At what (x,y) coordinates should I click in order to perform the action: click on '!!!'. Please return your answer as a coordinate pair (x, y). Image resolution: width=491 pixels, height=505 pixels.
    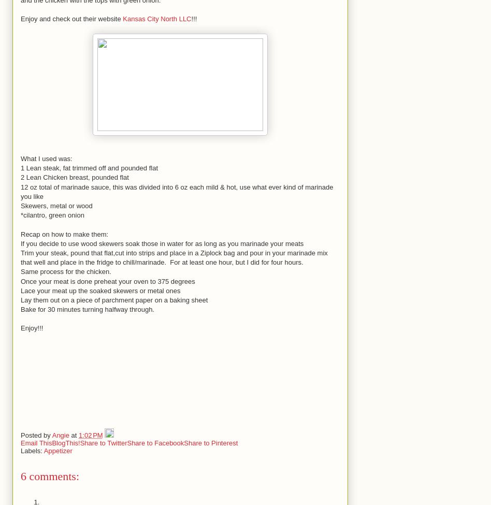
    Looking at the image, I should click on (190, 19).